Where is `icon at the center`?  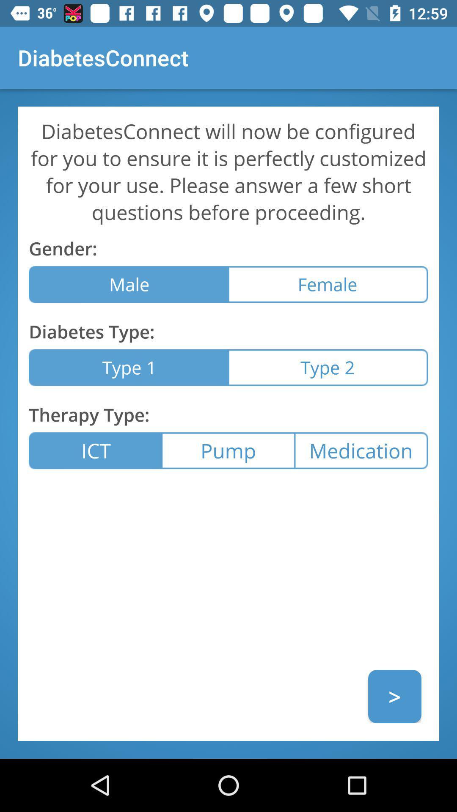 icon at the center is located at coordinates (228, 450).